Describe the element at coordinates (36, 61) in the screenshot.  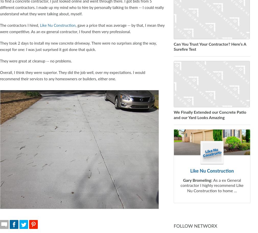
I see `'They were great at cleanup -- no problems.'` at that location.